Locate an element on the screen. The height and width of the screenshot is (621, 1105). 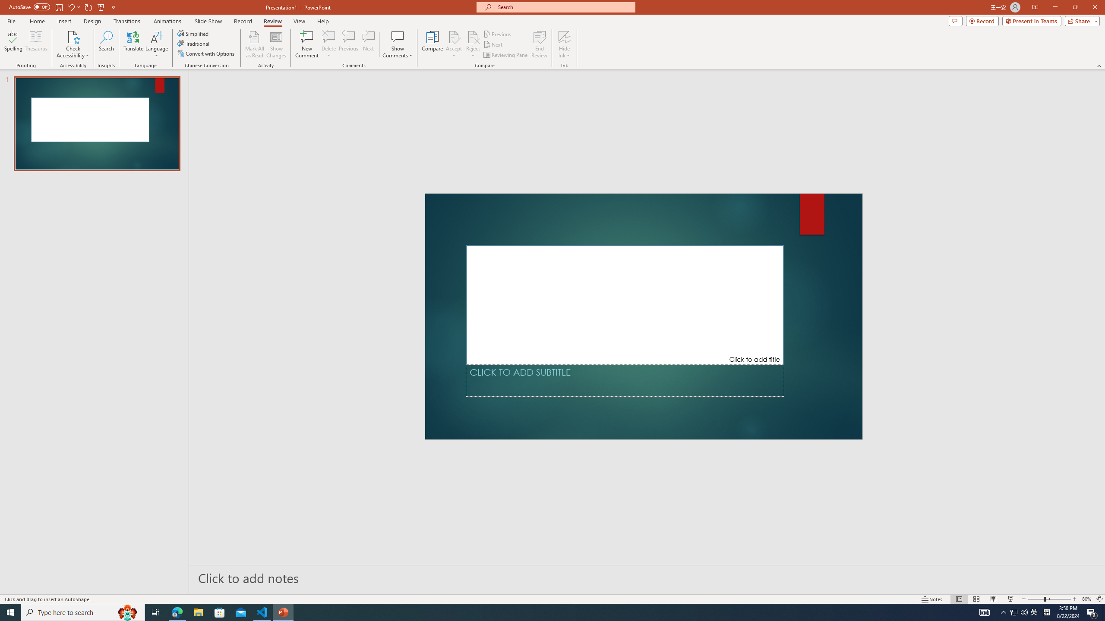
'Close' is located at coordinates (1094, 7).